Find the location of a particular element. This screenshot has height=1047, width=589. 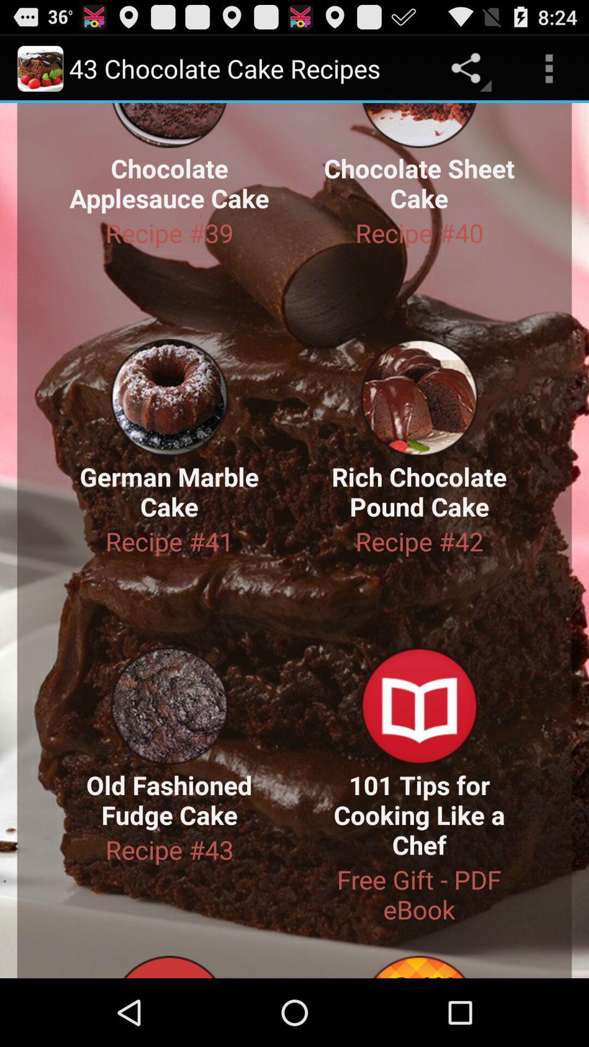

the image above the text rich chocolate pound cake is located at coordinates (419, 397).